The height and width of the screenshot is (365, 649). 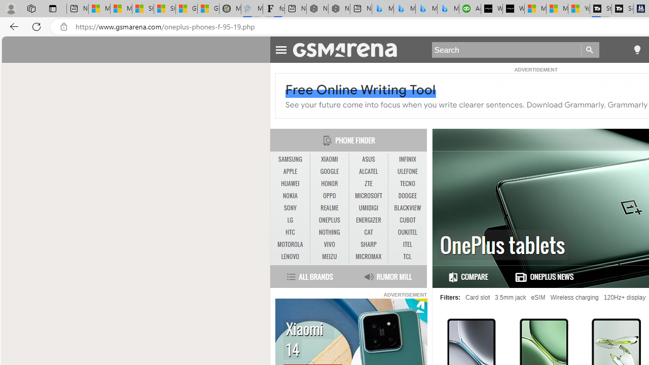 I want to click on 'Free Online Writing Tool', so click(x=360, y=89).